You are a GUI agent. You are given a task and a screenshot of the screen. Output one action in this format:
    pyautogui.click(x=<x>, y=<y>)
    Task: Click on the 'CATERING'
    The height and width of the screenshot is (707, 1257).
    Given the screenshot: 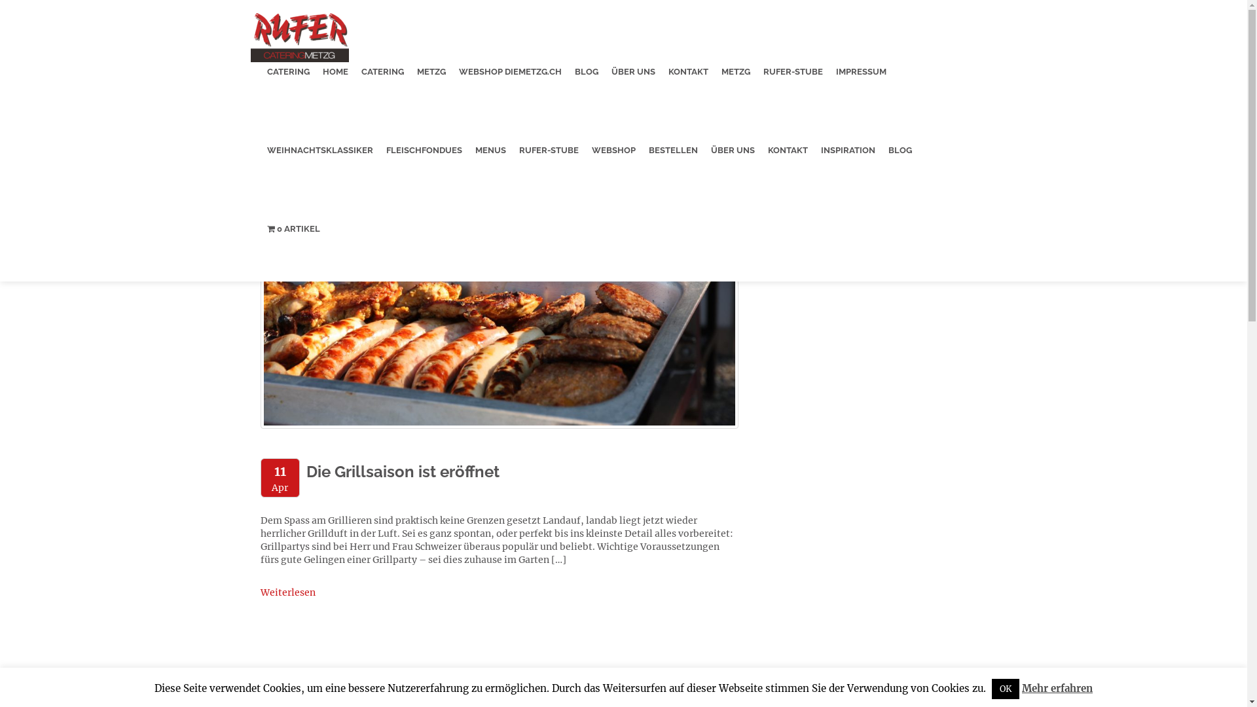 What is the action you would take?
    pyautogui.click(x=287, y=72)
    